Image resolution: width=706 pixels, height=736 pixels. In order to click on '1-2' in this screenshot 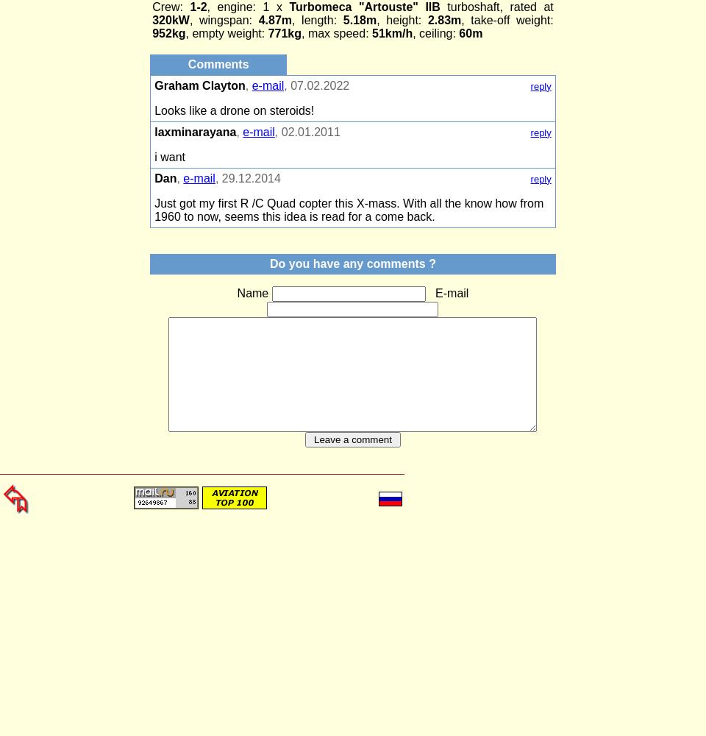, I will do `click(193, 7)`.